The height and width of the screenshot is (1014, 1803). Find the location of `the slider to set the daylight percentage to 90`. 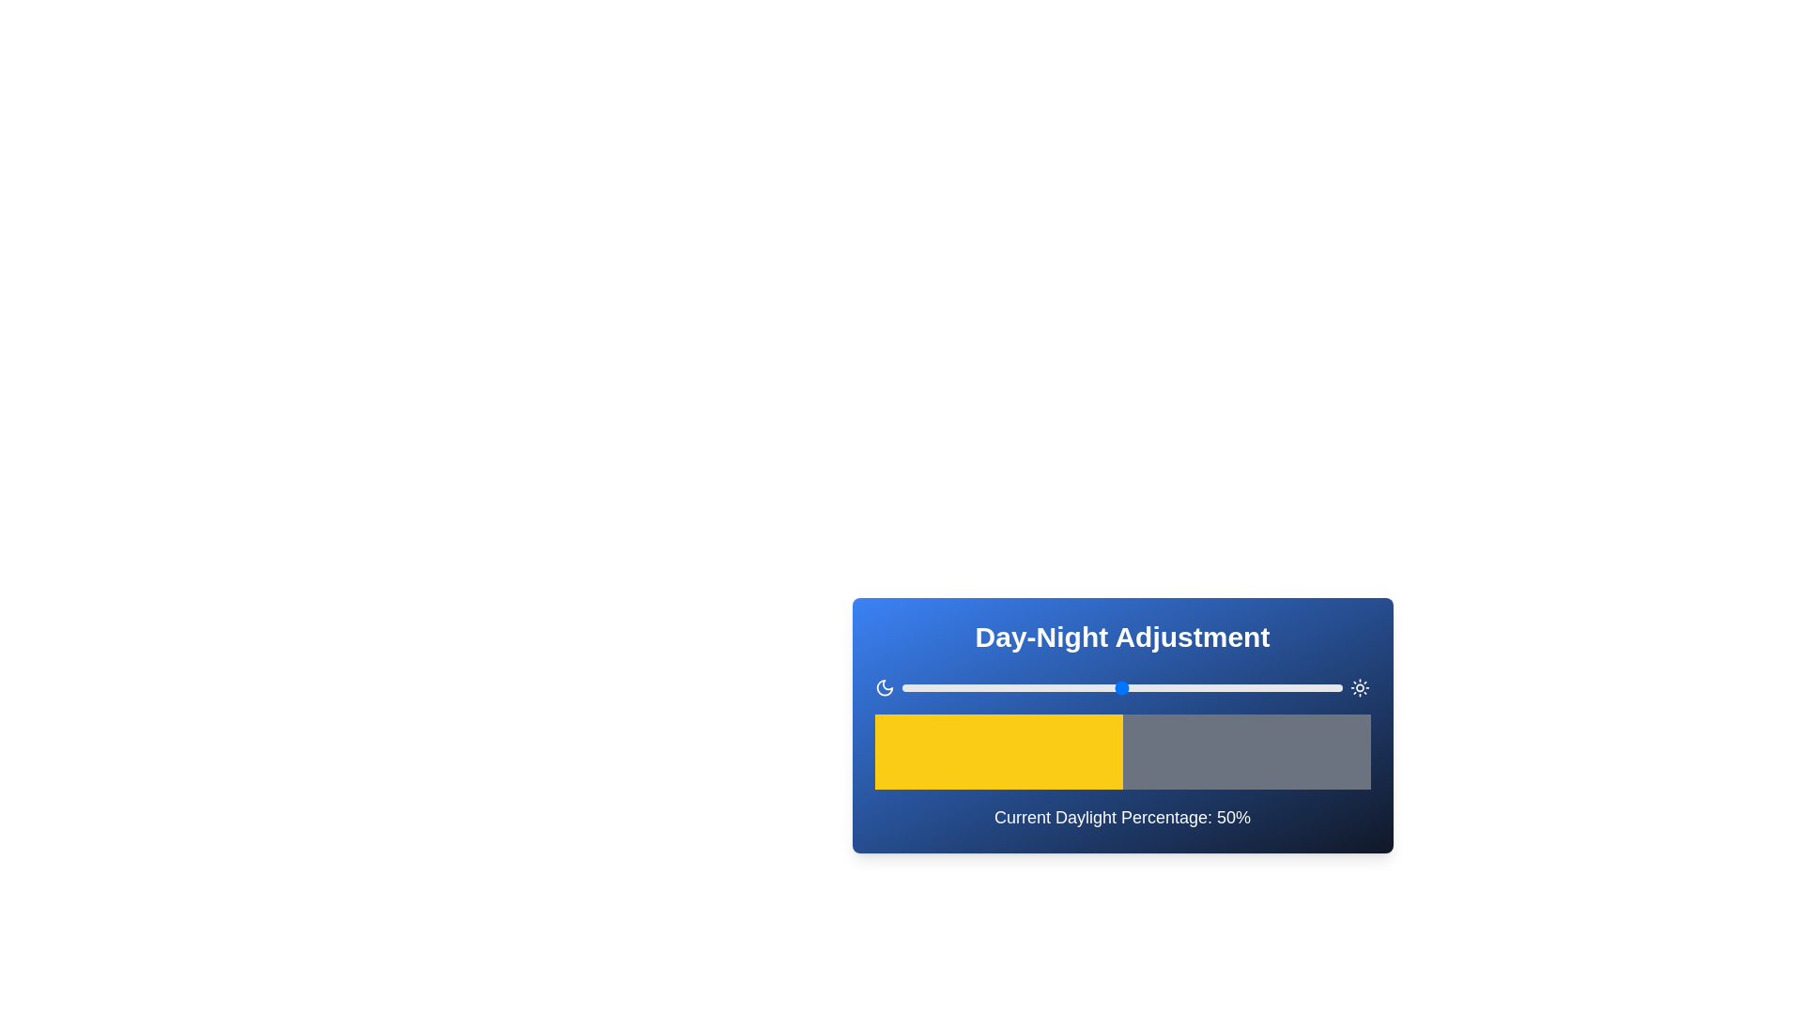

the slider to set the daylight percentage to 90 is located at coordinates (1298, 687).